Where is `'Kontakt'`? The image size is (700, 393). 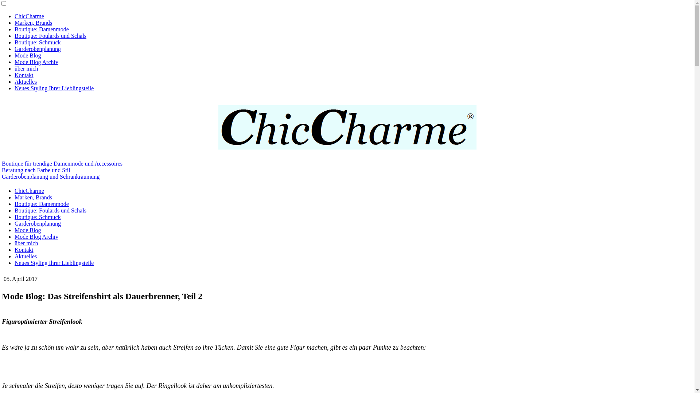
'Kontakt' is located at coordinates (24, 249).